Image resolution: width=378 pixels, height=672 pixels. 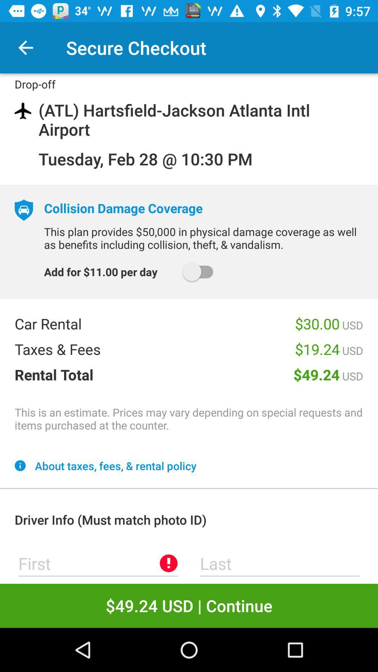 I want to click on last name, so click(x=279, y=563).